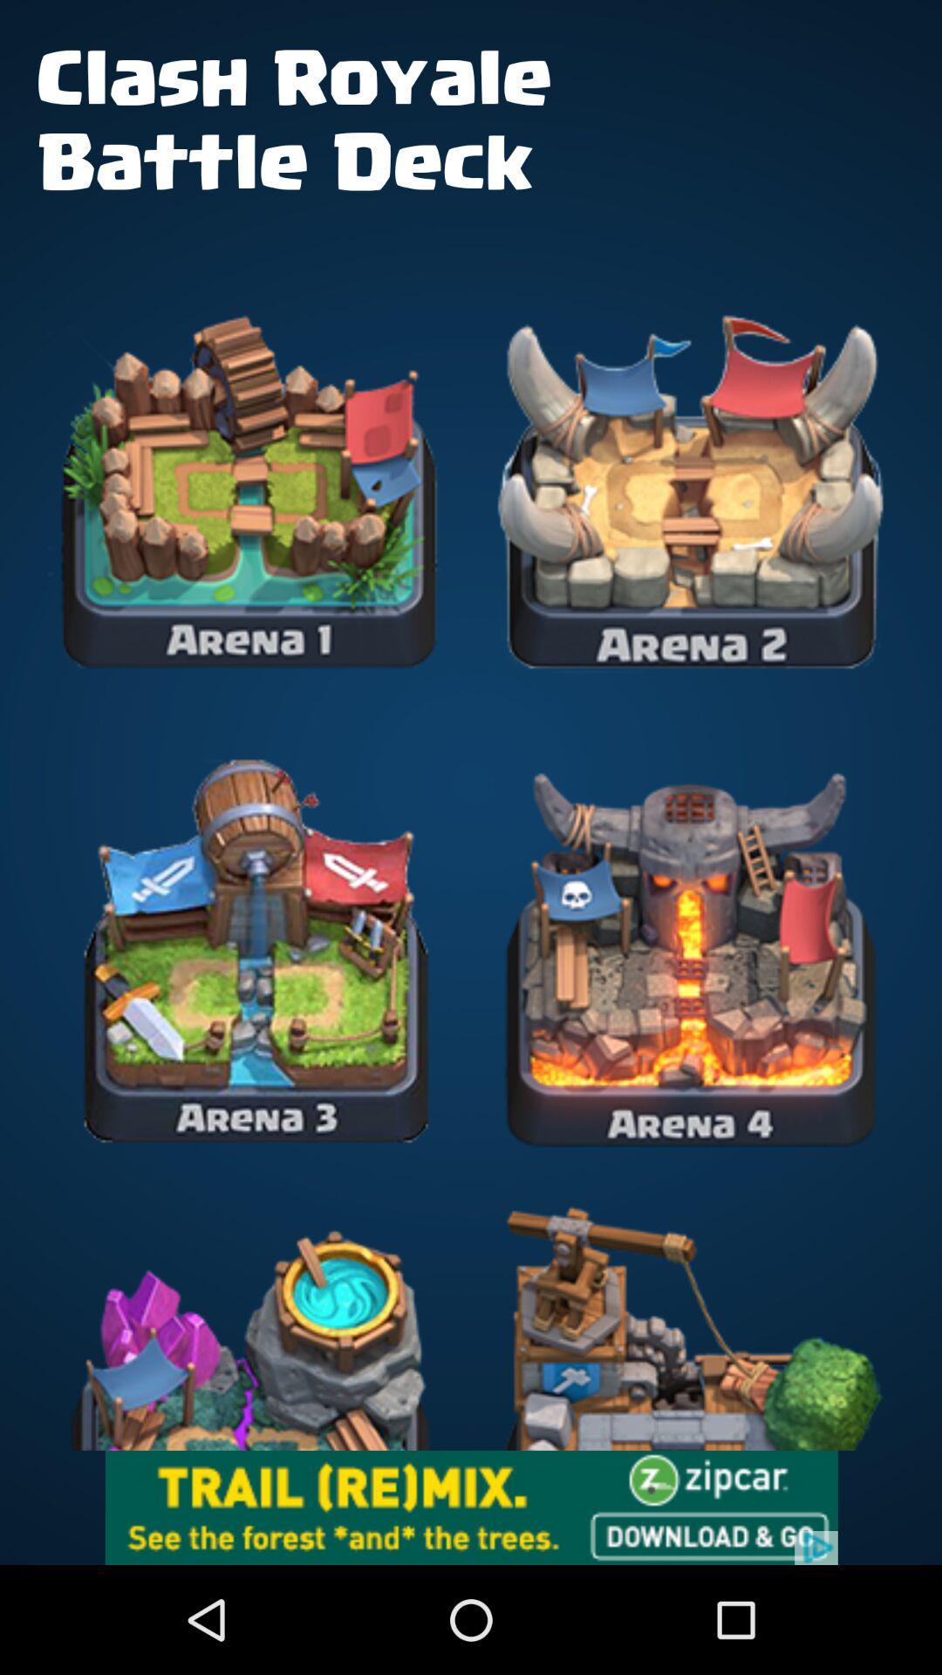 Image resolution: width=942 pixels, height=1675 pixels. Describe the element at coordinates (471, 1507) in the screenshot. I see `zip car advertisement that will redirect you for more info` at that location.